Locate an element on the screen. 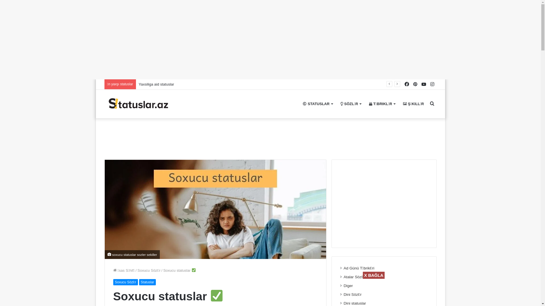  'Pinterest' is located at coordinates (415, 84).